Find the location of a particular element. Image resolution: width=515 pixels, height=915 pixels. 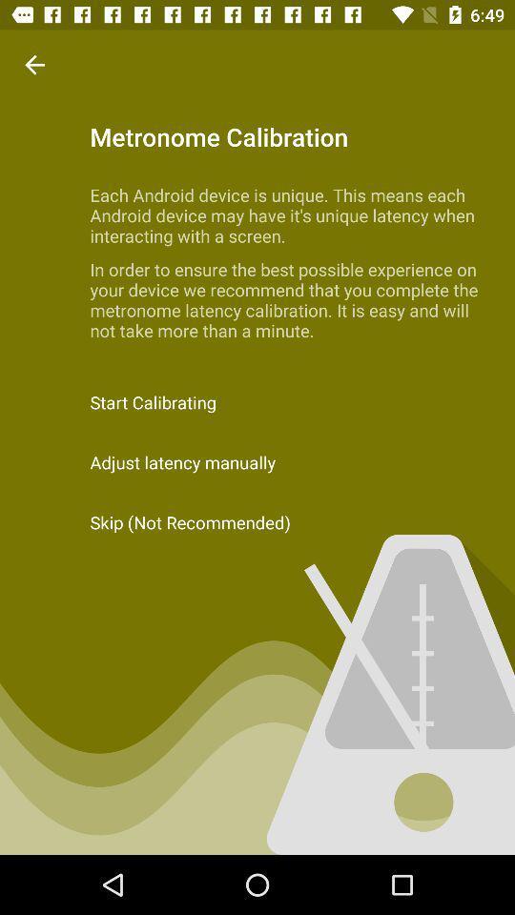

adjust latency manually item is located at coordinates (257, 461).